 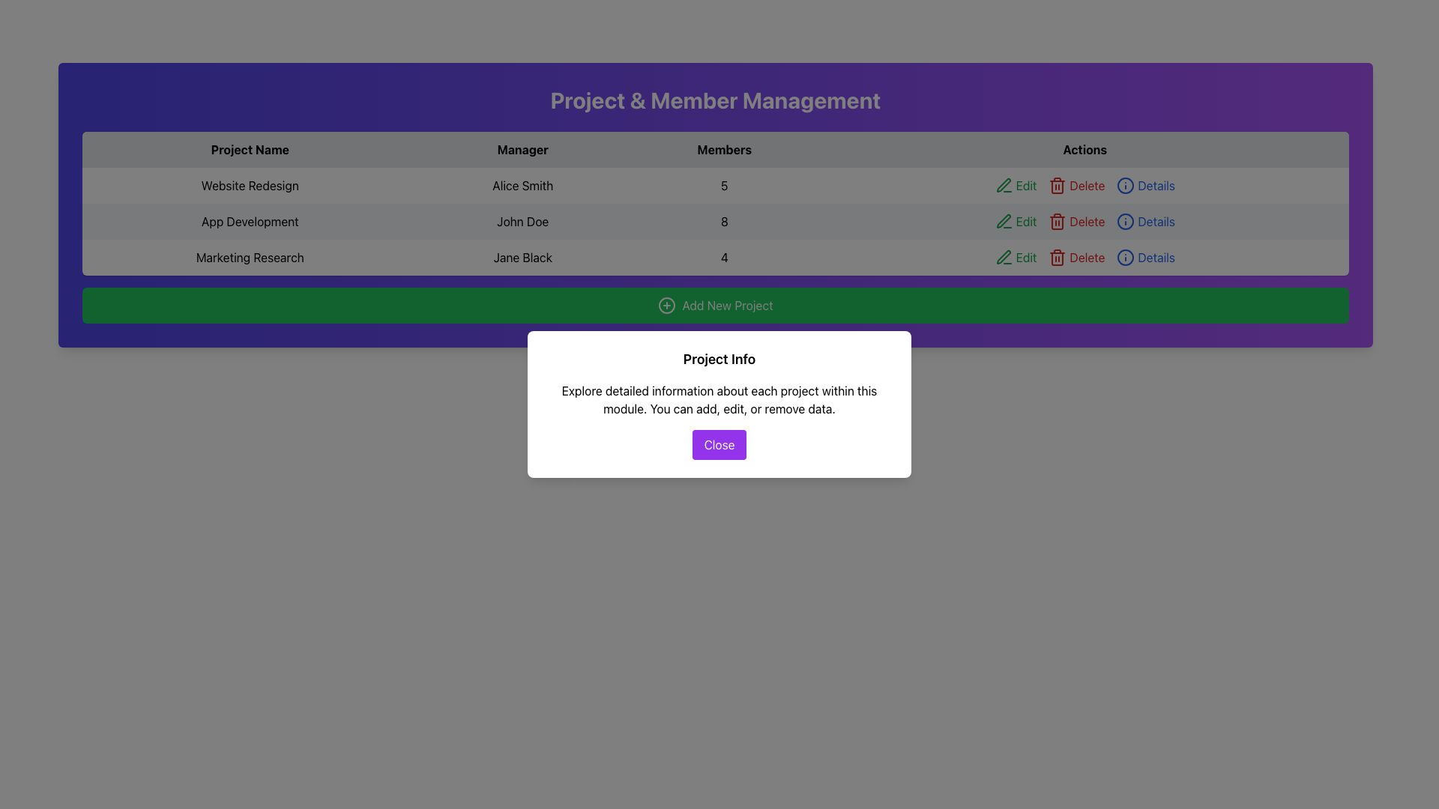 I want to click on the red 'Delete' button located in the 'Actions' column of the second row of the table, so click(x=1076, y=222).